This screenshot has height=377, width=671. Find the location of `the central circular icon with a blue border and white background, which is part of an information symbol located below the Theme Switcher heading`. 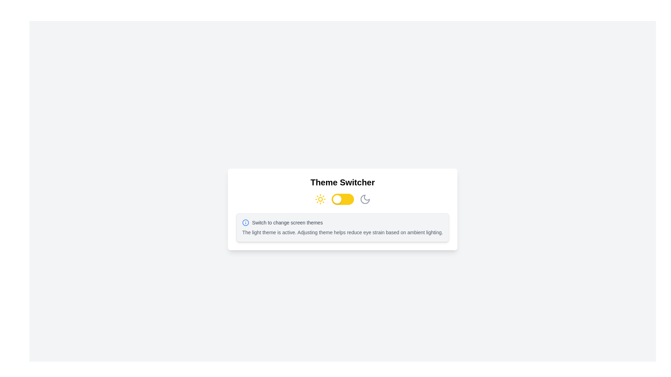

the central circular icon with a blue border and white background, which is part of an information symbol located below the Theme Switcher heading is located at coordinates (246, 222).